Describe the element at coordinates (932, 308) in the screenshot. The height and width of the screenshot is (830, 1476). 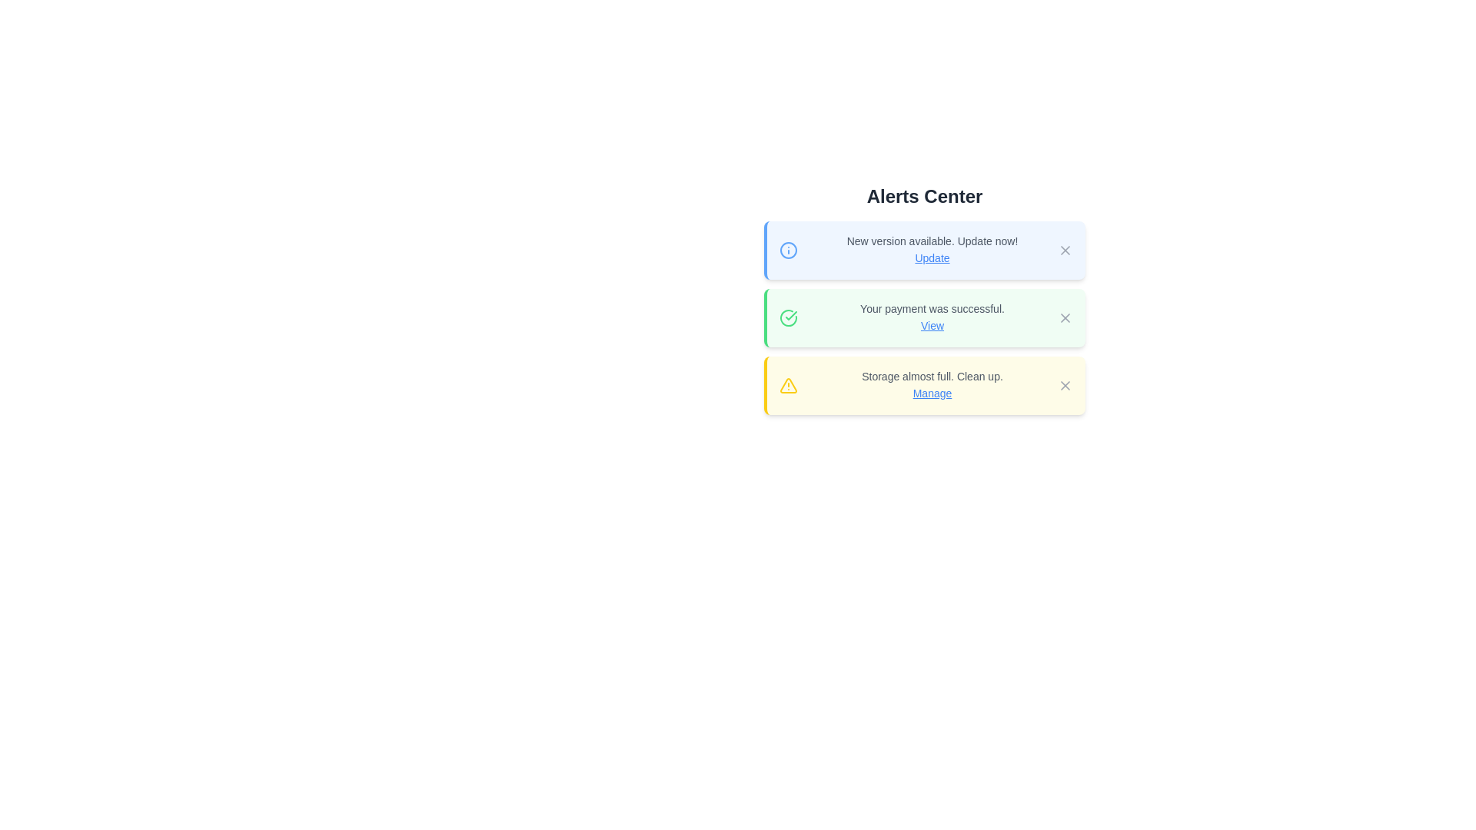
I see `the text label displaying 'Your payment was successful.' in the Alerts Center section, which is part of the second alert item on a light green background` at that location.